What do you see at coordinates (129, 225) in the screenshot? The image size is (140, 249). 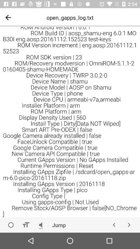 I see `the arrow_forward icon` at bounding box center [129, 225].